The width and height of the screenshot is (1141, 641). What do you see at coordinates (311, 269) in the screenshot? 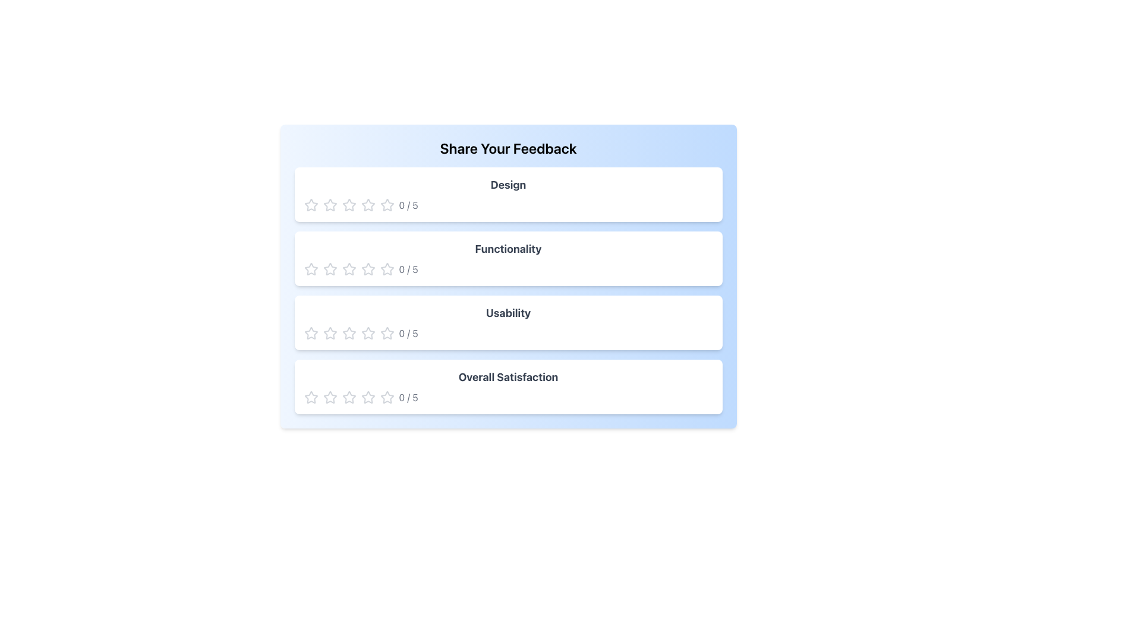
I see `the first star icon in the rating section labeled 'Functionality'` at bounding box center [311, 269].